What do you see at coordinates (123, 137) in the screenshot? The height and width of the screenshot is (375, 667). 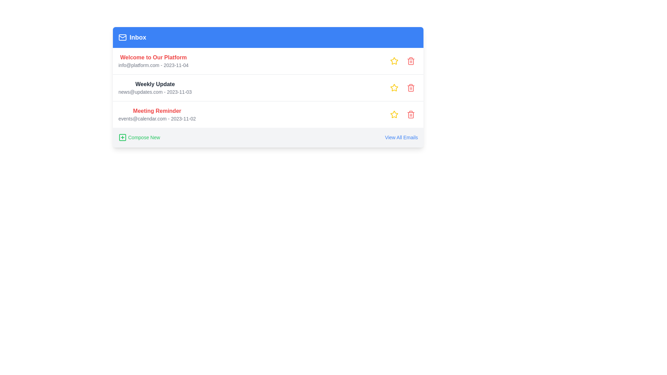 I see `the 'Compose New' button icon, which is the prominent square element containing the '+' sign, to initiate creating a new email` at bounding box center [123, 137].